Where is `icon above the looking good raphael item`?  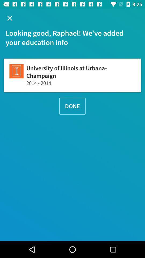
icon above the looking good raphael item is located at coordinates (10, 18).